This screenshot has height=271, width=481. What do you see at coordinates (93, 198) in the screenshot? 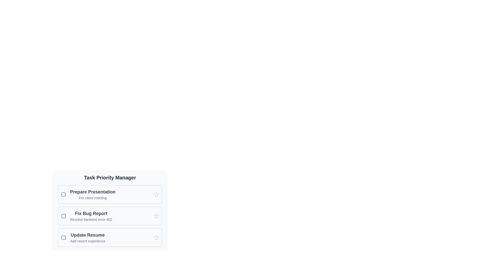
I see `the static text element that serves as a subtitle beneath the 'Prepare Presentation' heading in the first task card of the task list` at bounding box center [93, 198].